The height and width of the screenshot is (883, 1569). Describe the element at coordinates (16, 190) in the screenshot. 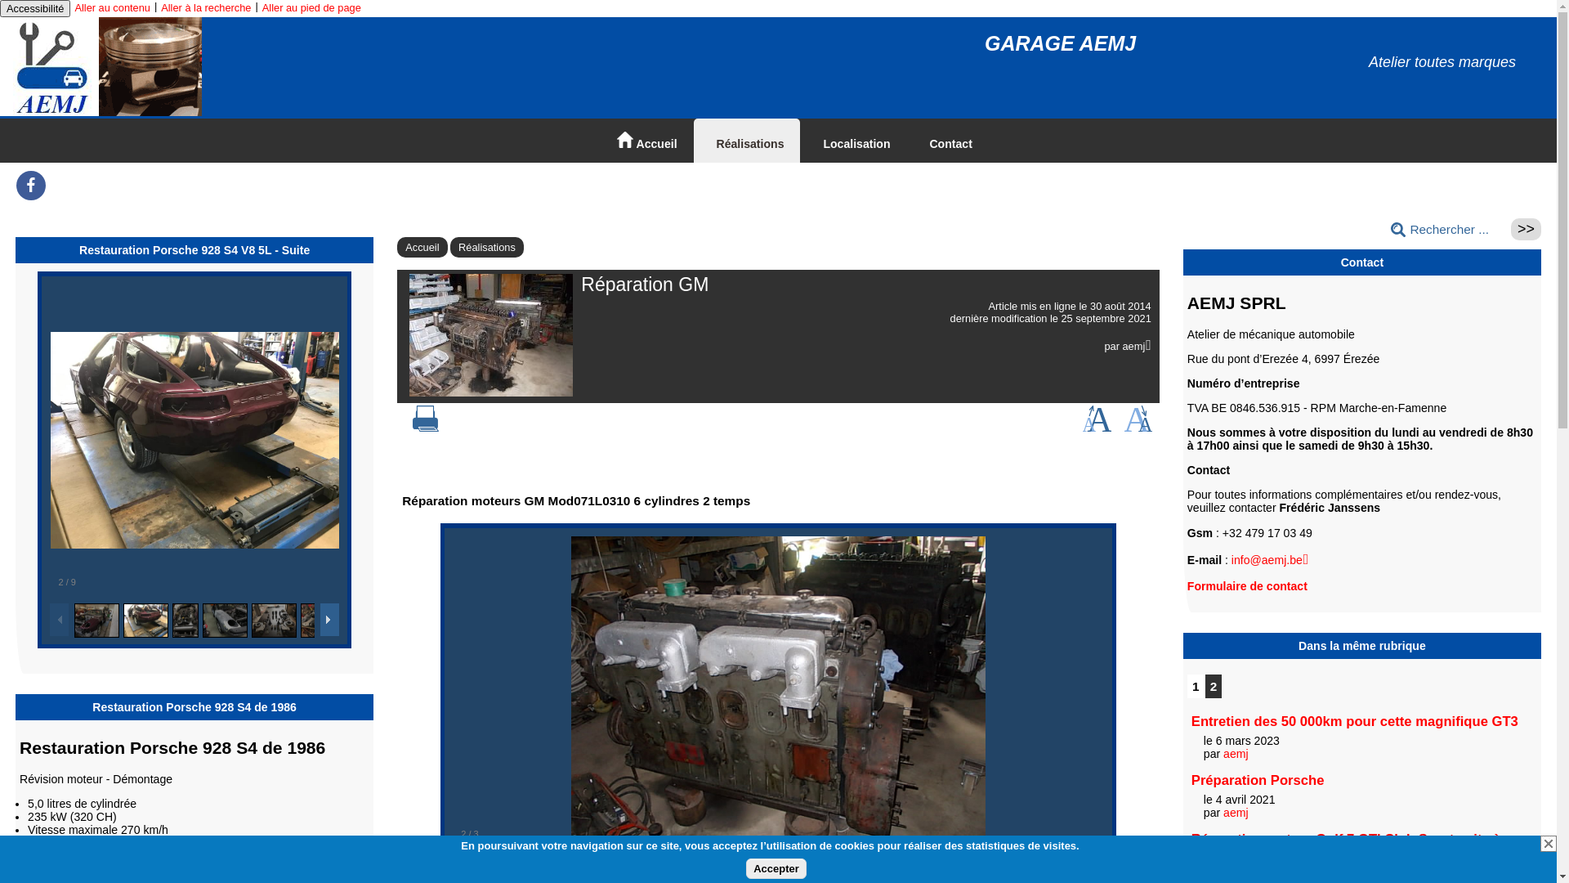

I see `'Facebook'` at that location.